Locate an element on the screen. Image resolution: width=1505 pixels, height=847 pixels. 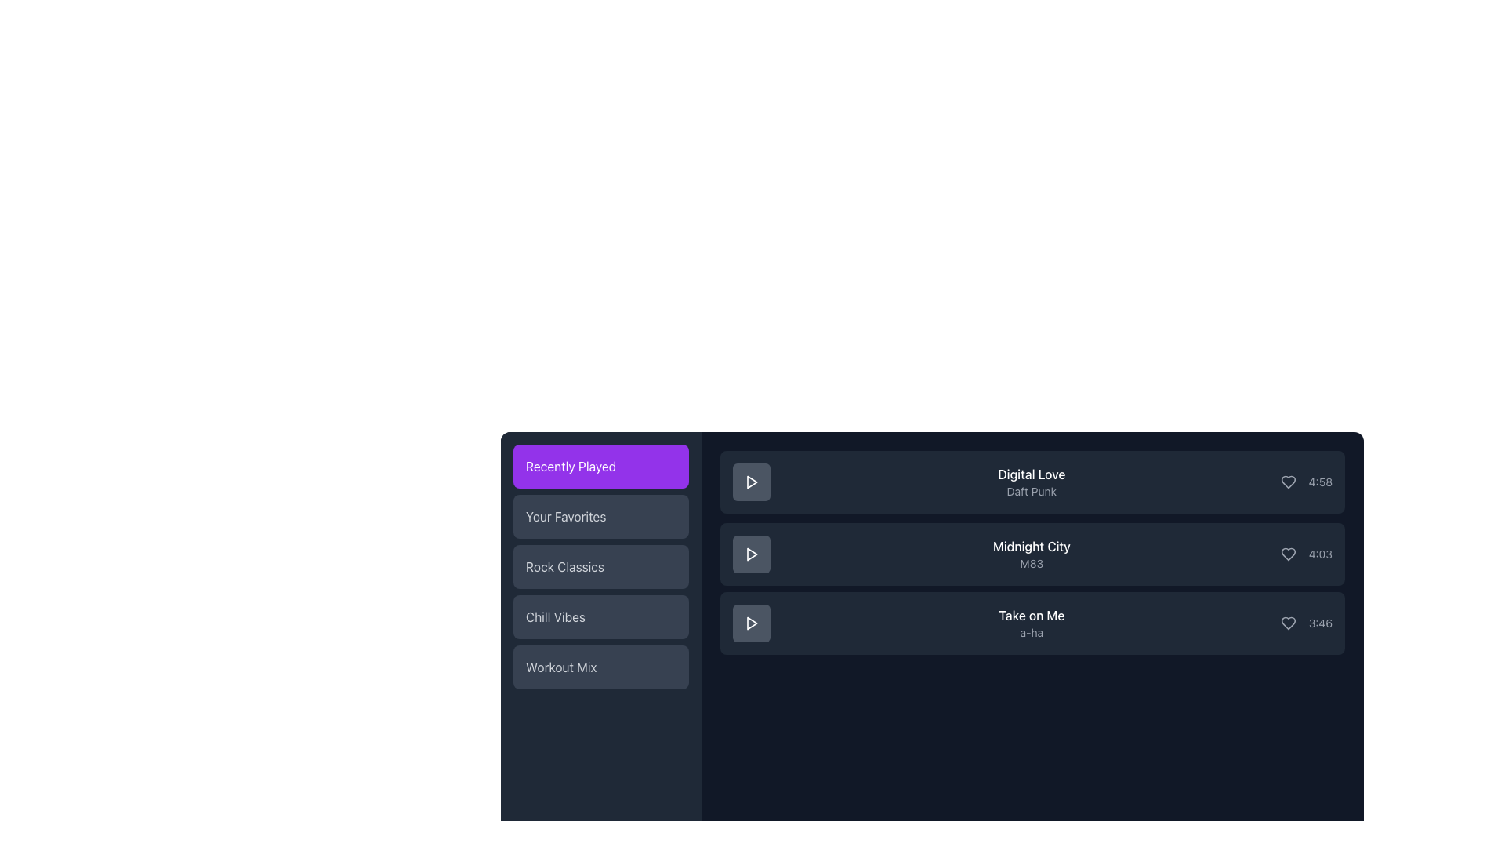
the uppermost play button, which is a small triangle icon on a dark gray or black rounded rectangular button, located to the left of the track title 'Digital Love' is located at coordinates (751, 481).